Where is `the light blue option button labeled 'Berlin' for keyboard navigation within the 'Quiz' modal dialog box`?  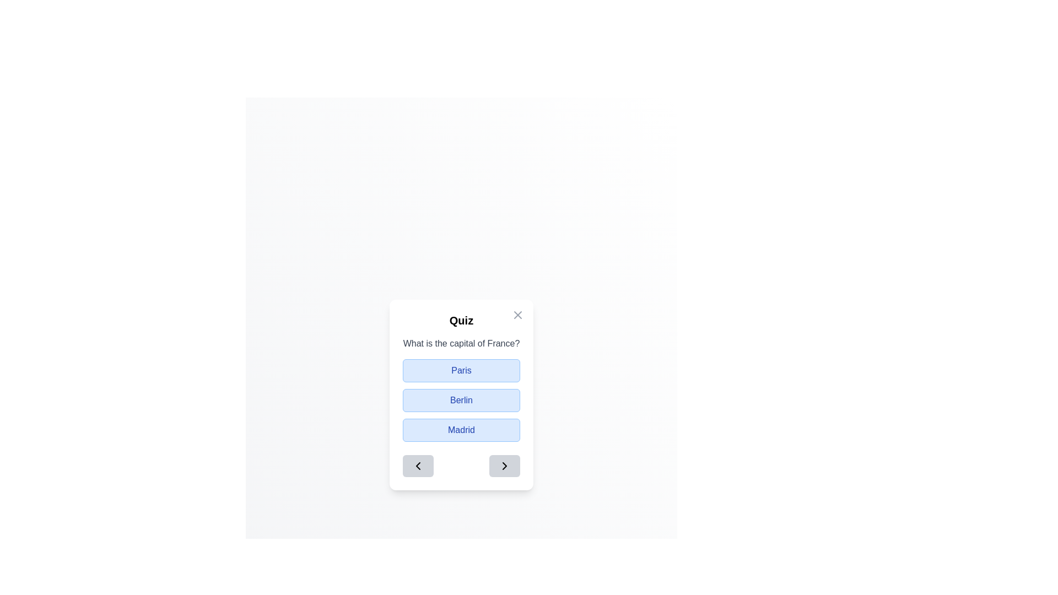 the light blue option button labeled 'Berlin' for keyboard navigation within the 'Quiz' modal dialog box is located at coordinates (461, 394).